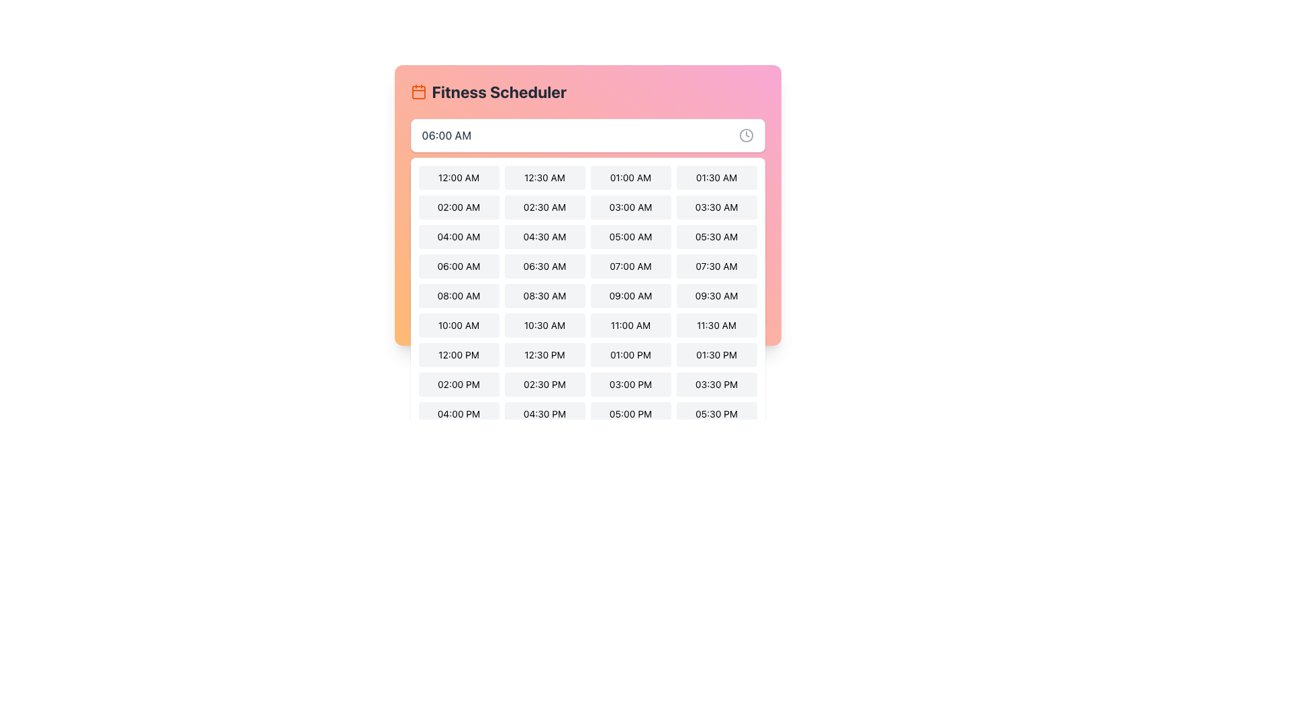 This screenshot has width=1289, height=725. What do you see at coordinates (587, 270) in the screenshot?
I see `the grid of selectable time slots in the Fitness Scheduler panel` at bounding box center [587, 270].